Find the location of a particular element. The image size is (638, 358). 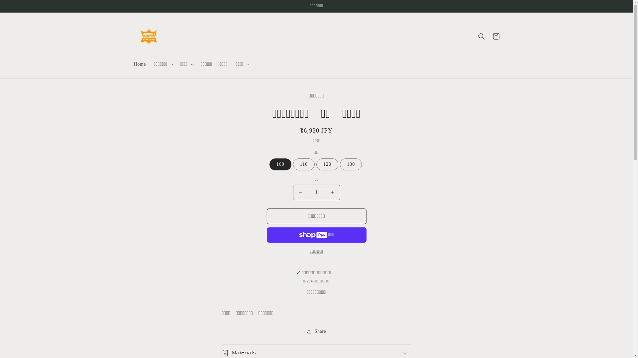

'Home' is located at coordinates (139, 64).